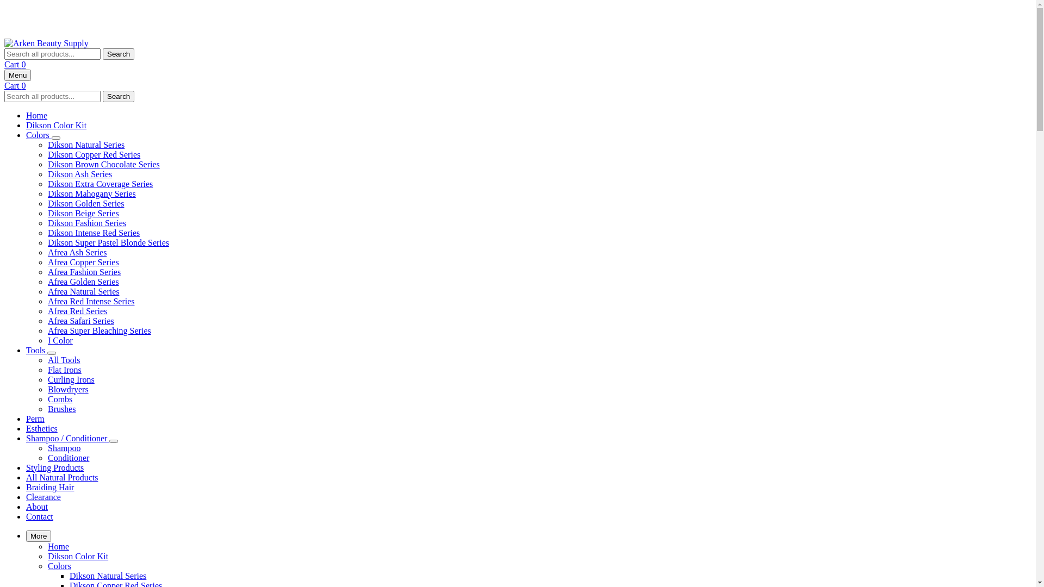  I want to click on 'Colors', so click(47, 565).